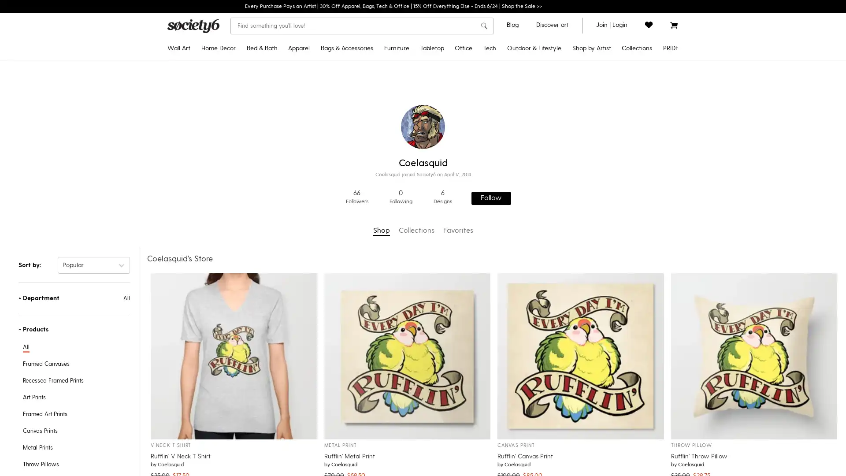 This screenshot has width=846, height=476. What do you see at coordinates (489, 48) in the screenshot?
I see `Tech` at bounding box center [489, 48].